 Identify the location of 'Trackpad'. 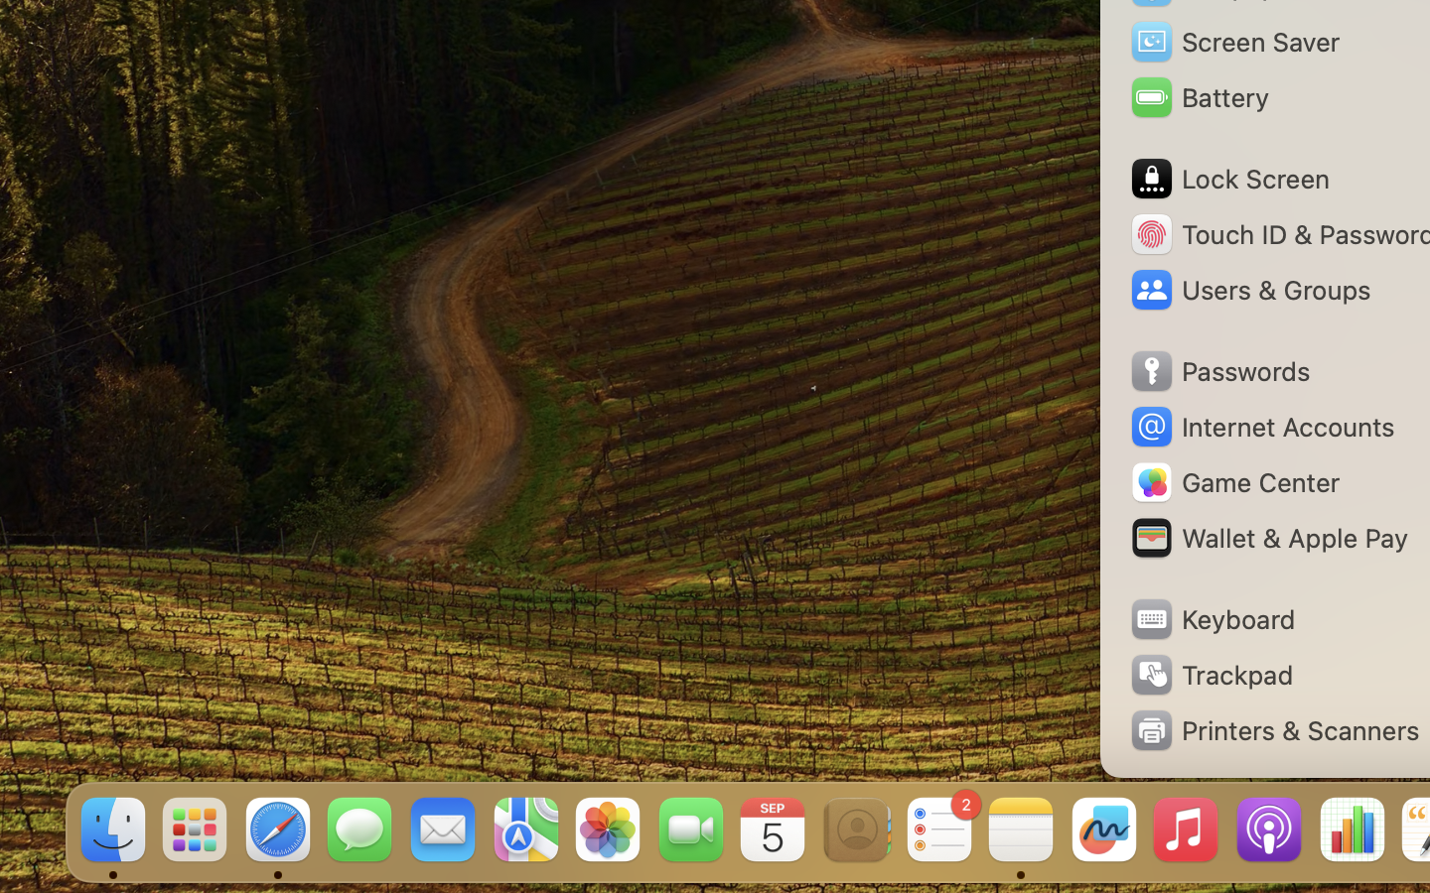
(1209, 674).